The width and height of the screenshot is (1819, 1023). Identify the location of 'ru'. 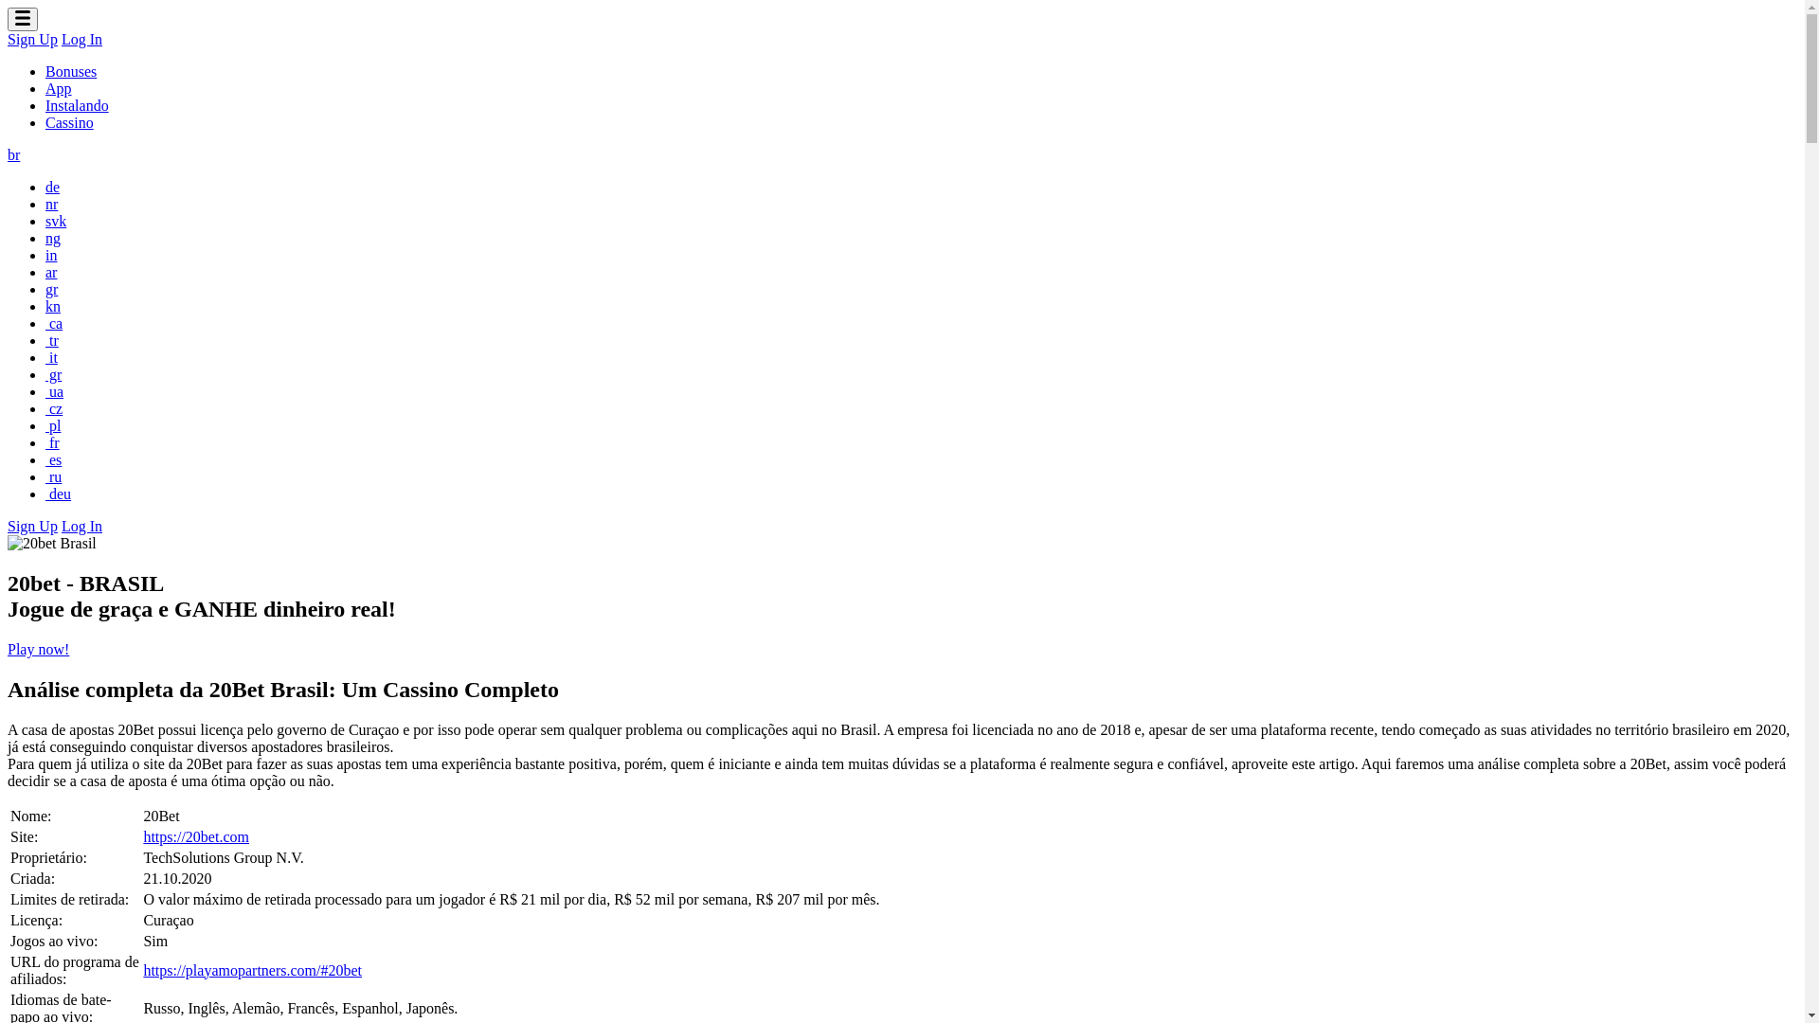
(53, 476).